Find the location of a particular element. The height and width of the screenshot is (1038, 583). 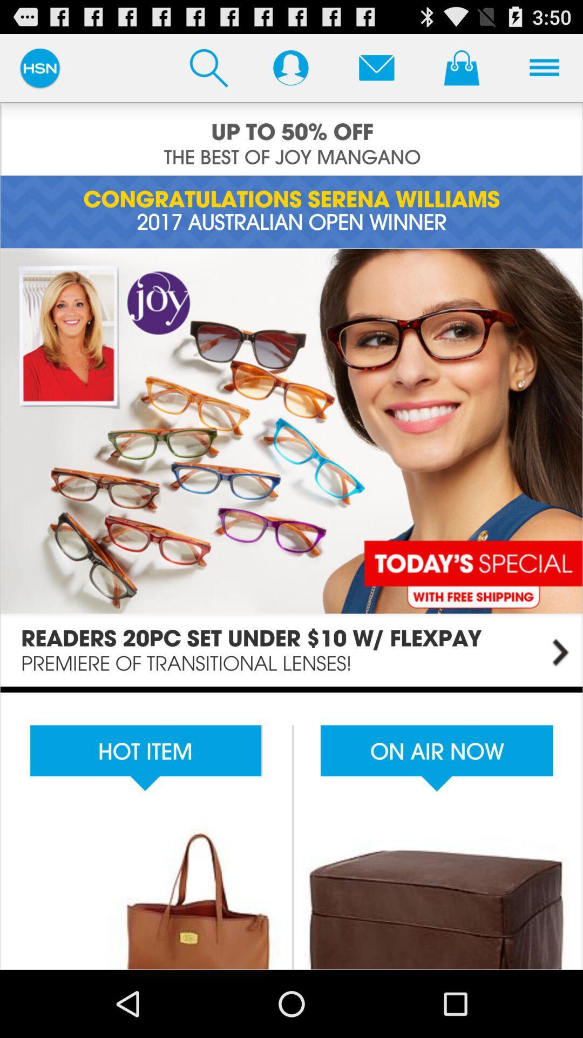

cart option is located at coordinates (462, 67).